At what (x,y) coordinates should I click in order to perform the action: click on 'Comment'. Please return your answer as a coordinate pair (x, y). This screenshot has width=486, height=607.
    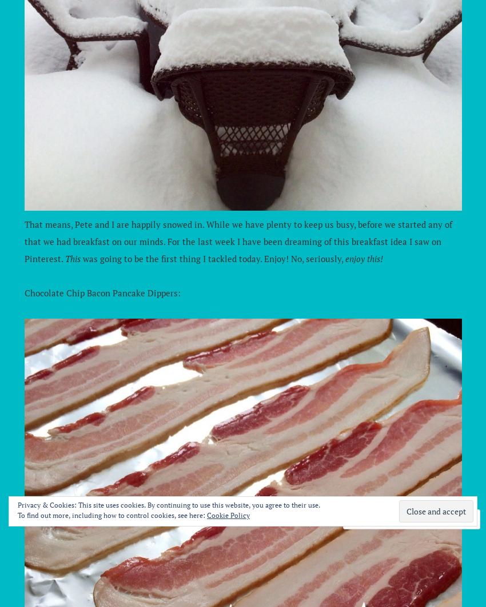
    Looking at the image, I should click on (381, 518).